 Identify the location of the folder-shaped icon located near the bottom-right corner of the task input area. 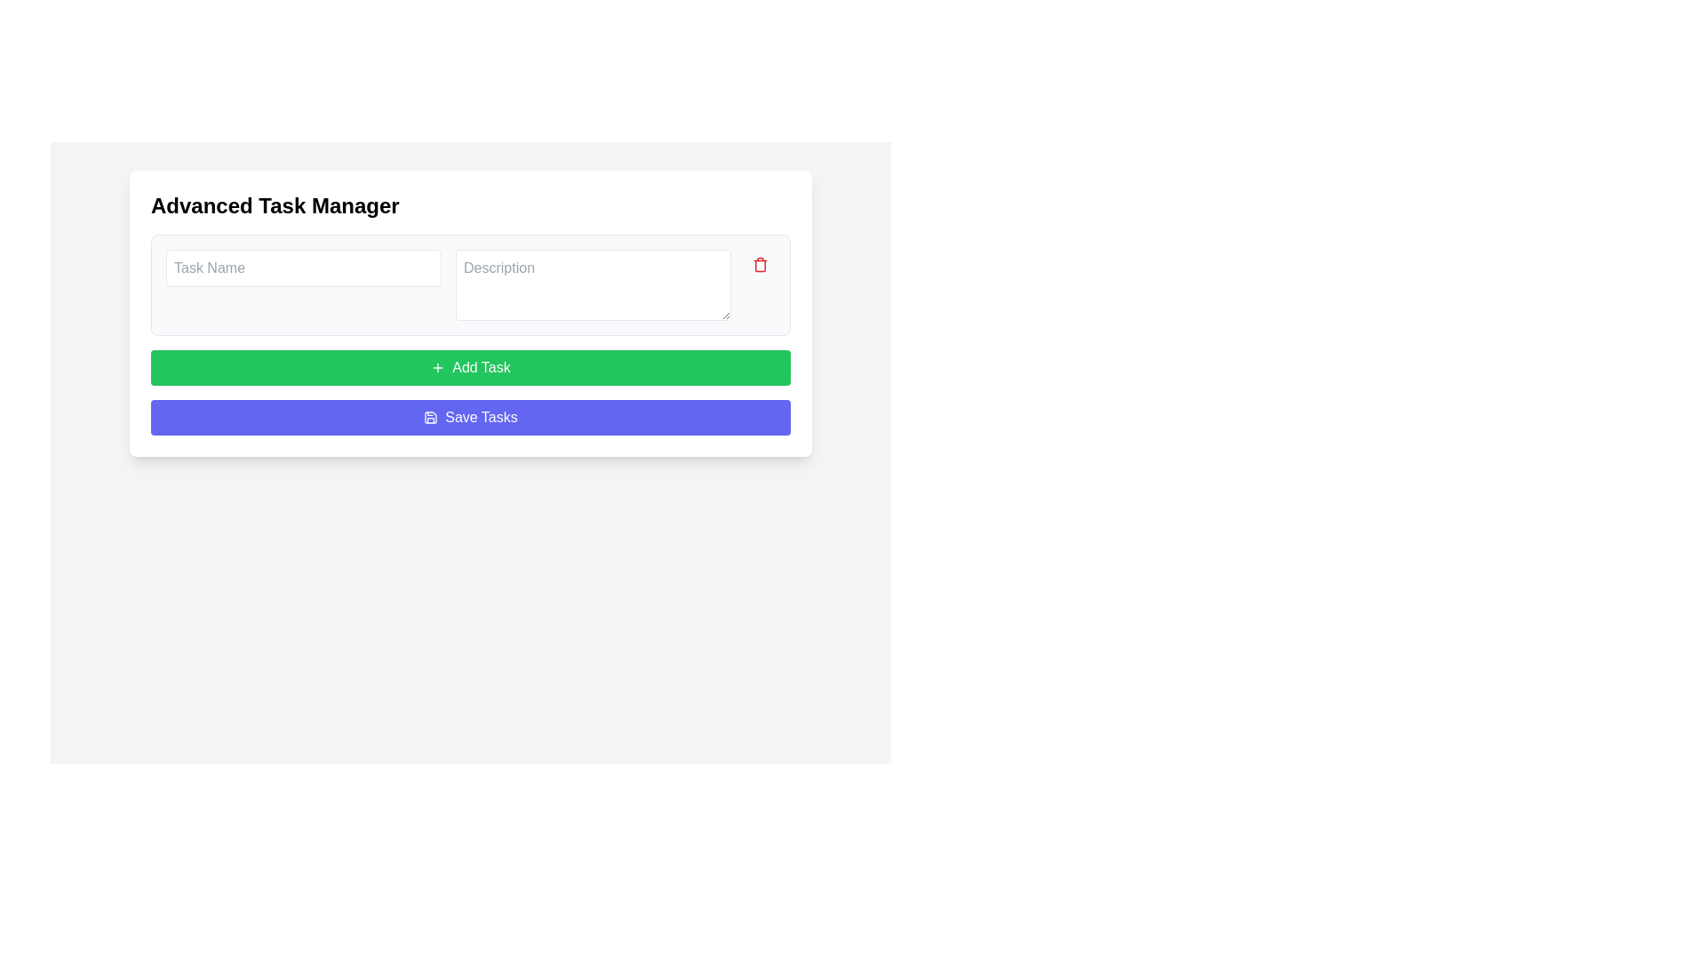
(431, 418).